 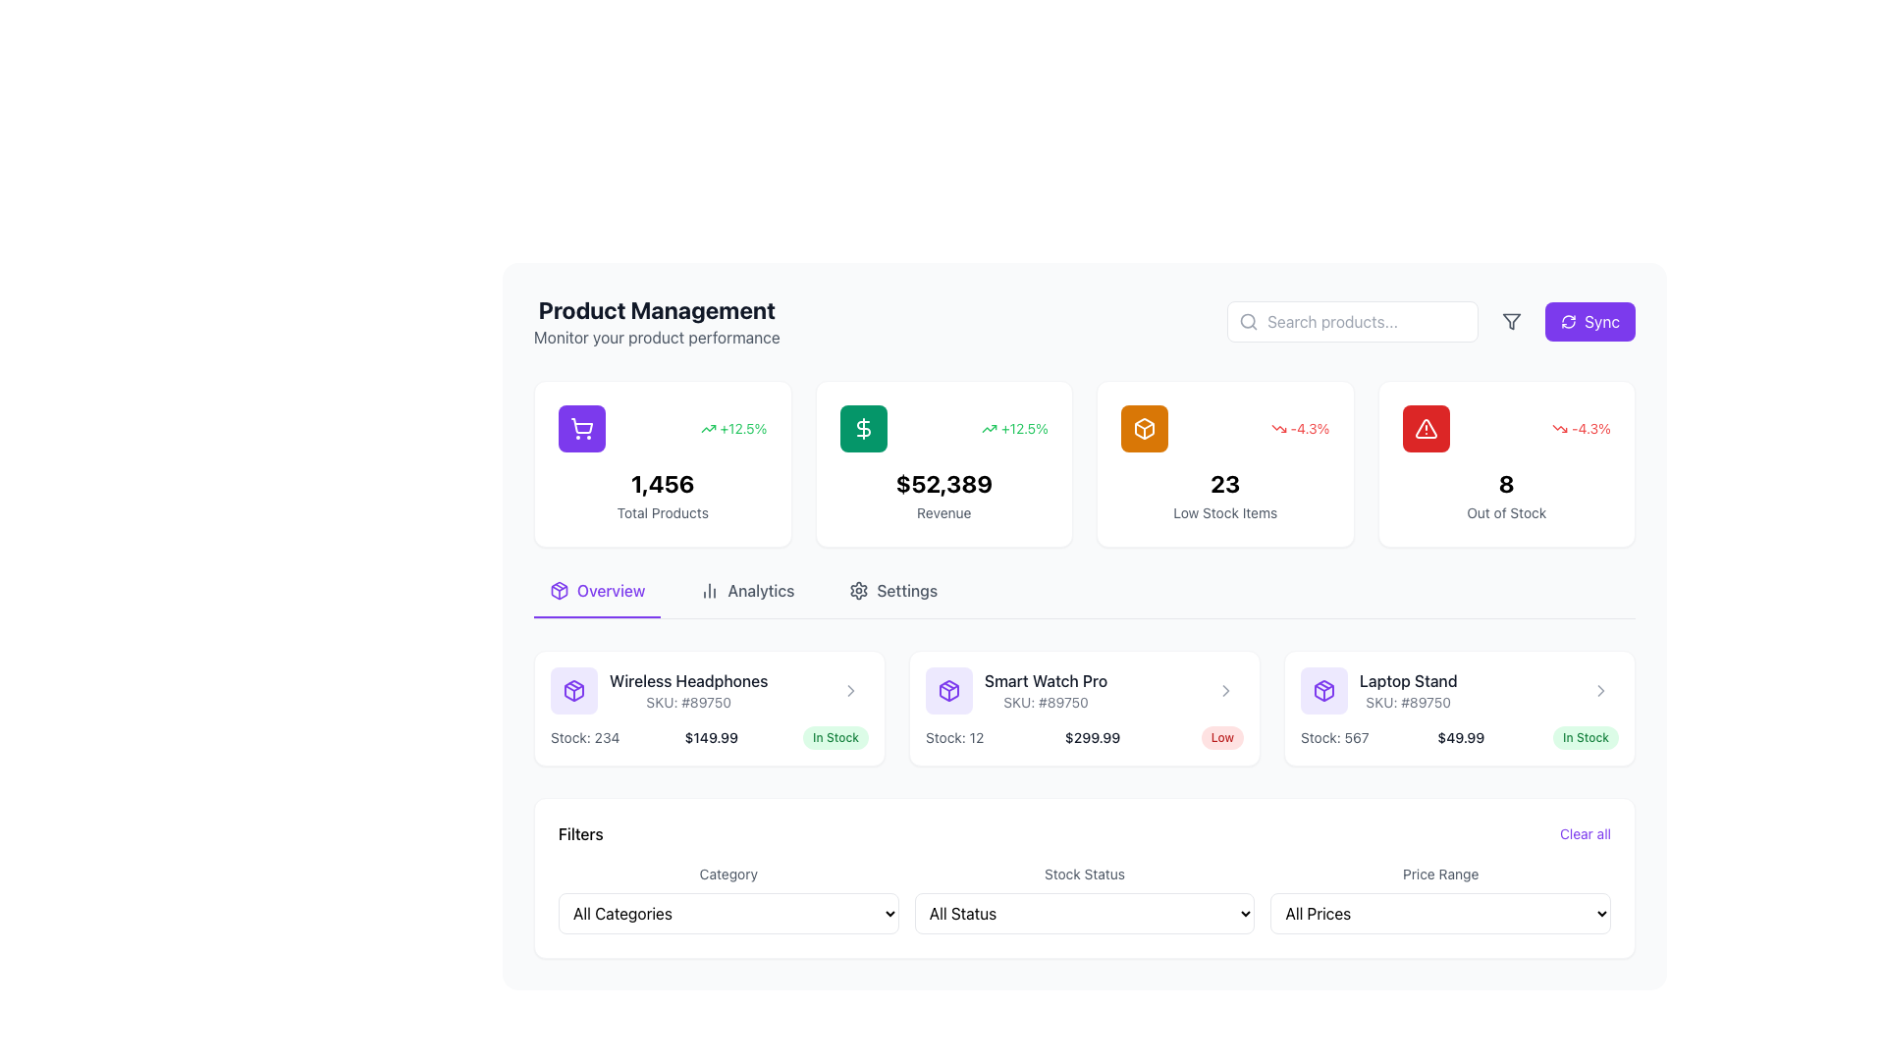 What do you see at coordinates (1083, 690) in the screenshot?
I see `the Text label with an icon that describes the product, located between 'Wireless Headphones' and 'Laptop Stand', positioned in the second row below the overview statistics` at bounding box center [1083, 690].